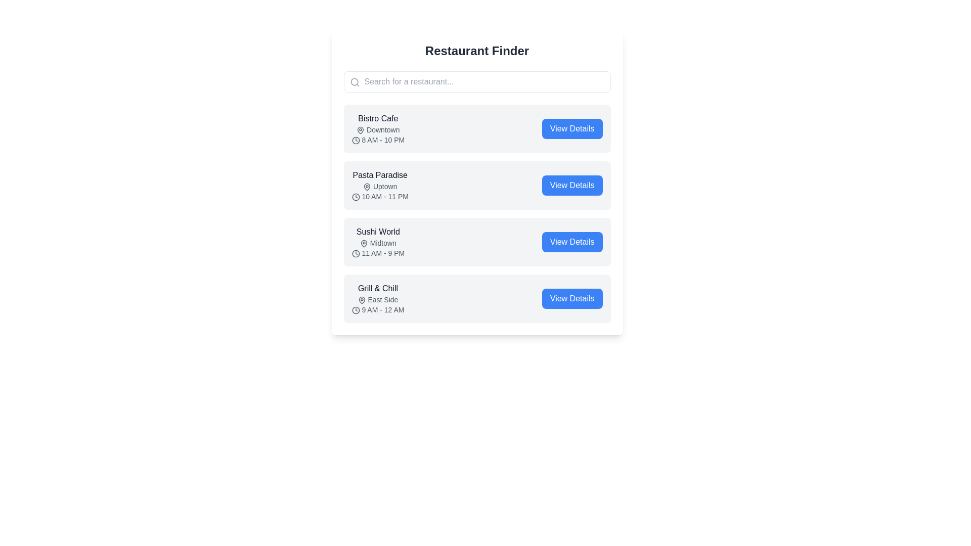 Image resolution: width=971 pixels, height=546 pixels. Describe the element at coordinates (377, 298) in the screenshot. I see `the text block displaying location and operating hours information for 'Grill & Chill', located in the fourth section of a scrollable list under the label 'Grill & Chill'` at that location.